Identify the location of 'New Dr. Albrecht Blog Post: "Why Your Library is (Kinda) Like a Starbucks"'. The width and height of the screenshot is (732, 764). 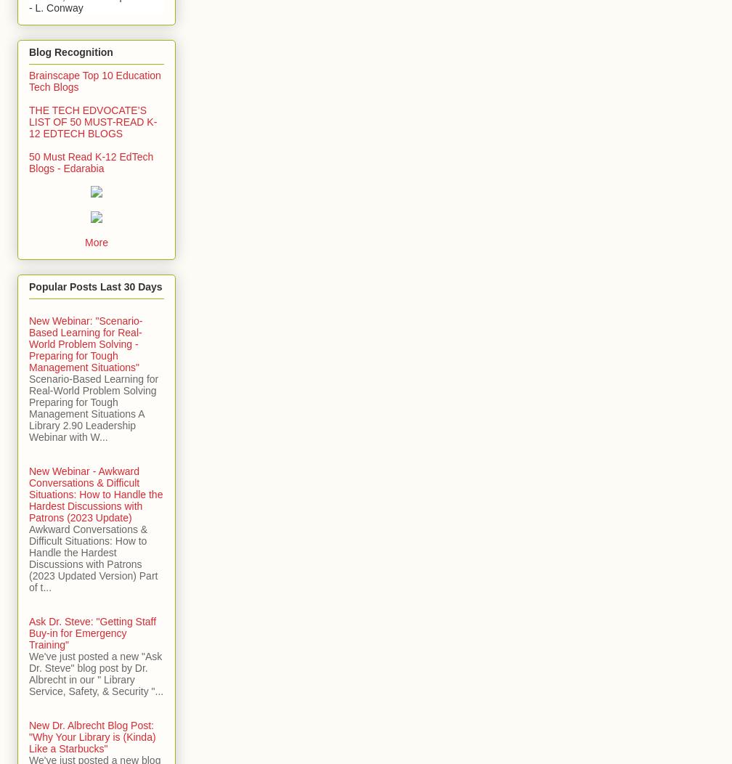
(92, 736).